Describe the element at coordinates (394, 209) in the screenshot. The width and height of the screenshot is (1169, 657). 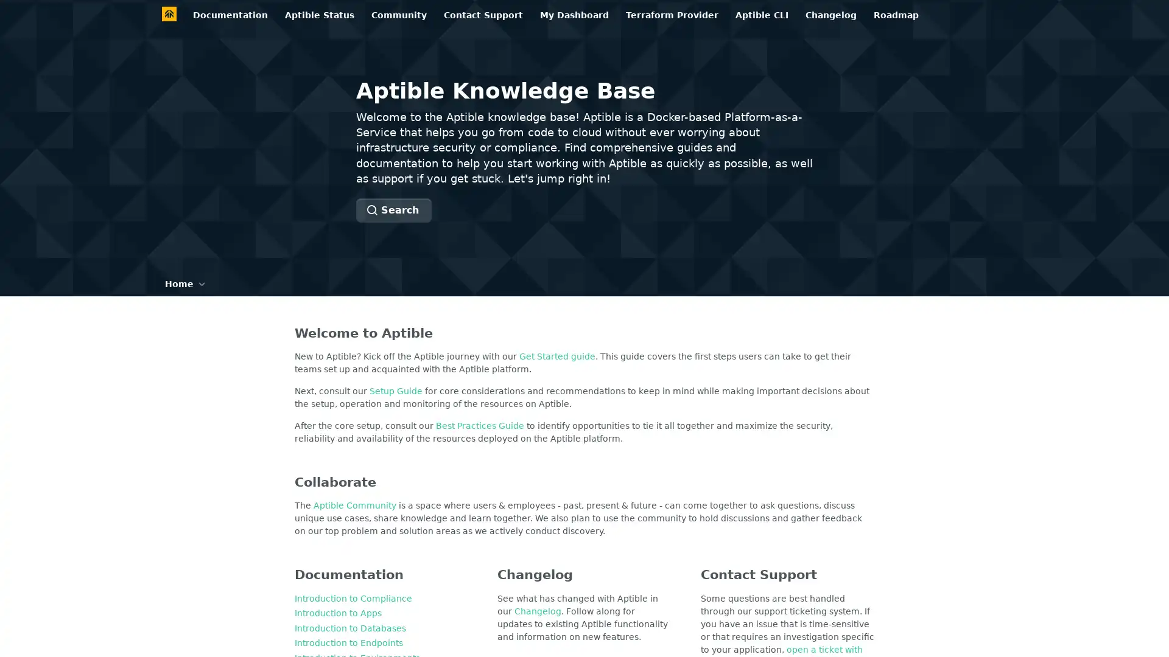
I see `Search` at that location.